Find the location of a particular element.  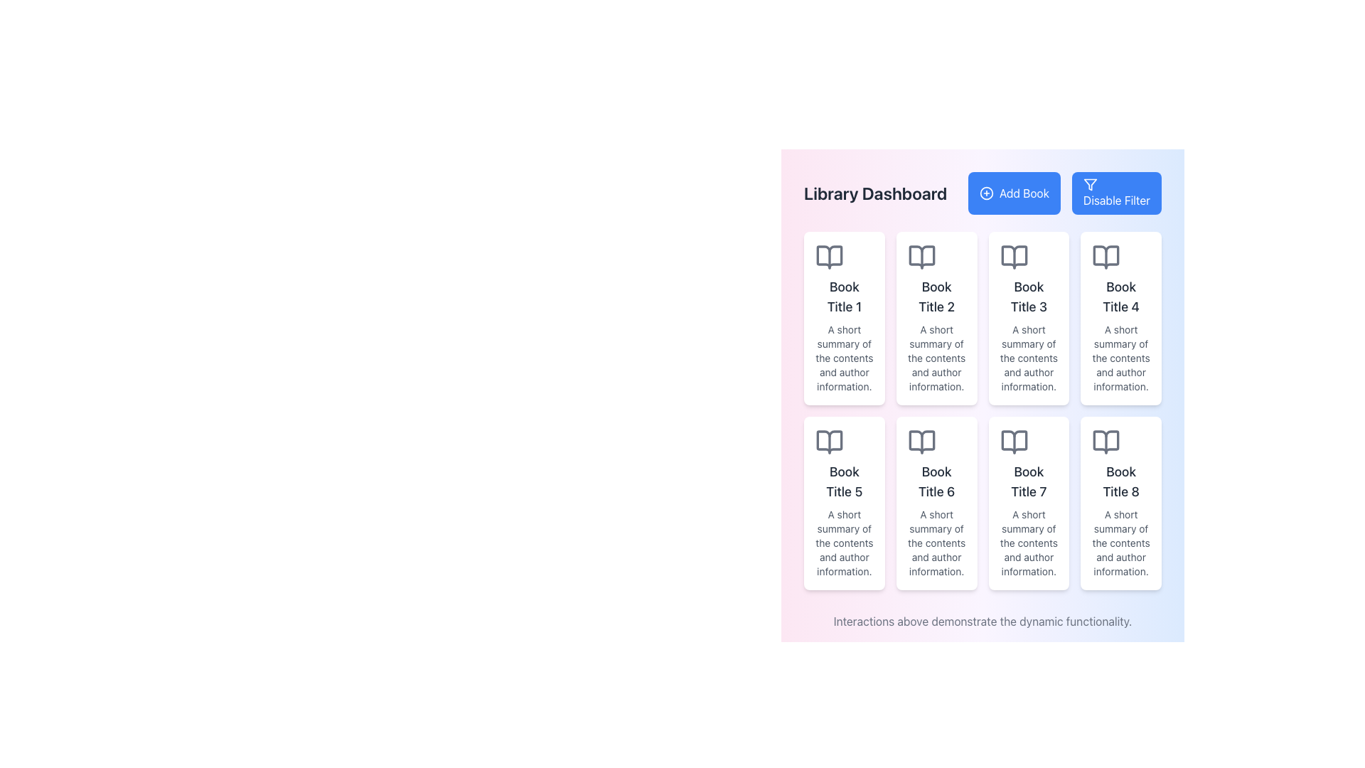

text content of the title label located in the last column and last row of the grid layout, positioned above the description and below the book icon is located at coordinates (1120, 481).